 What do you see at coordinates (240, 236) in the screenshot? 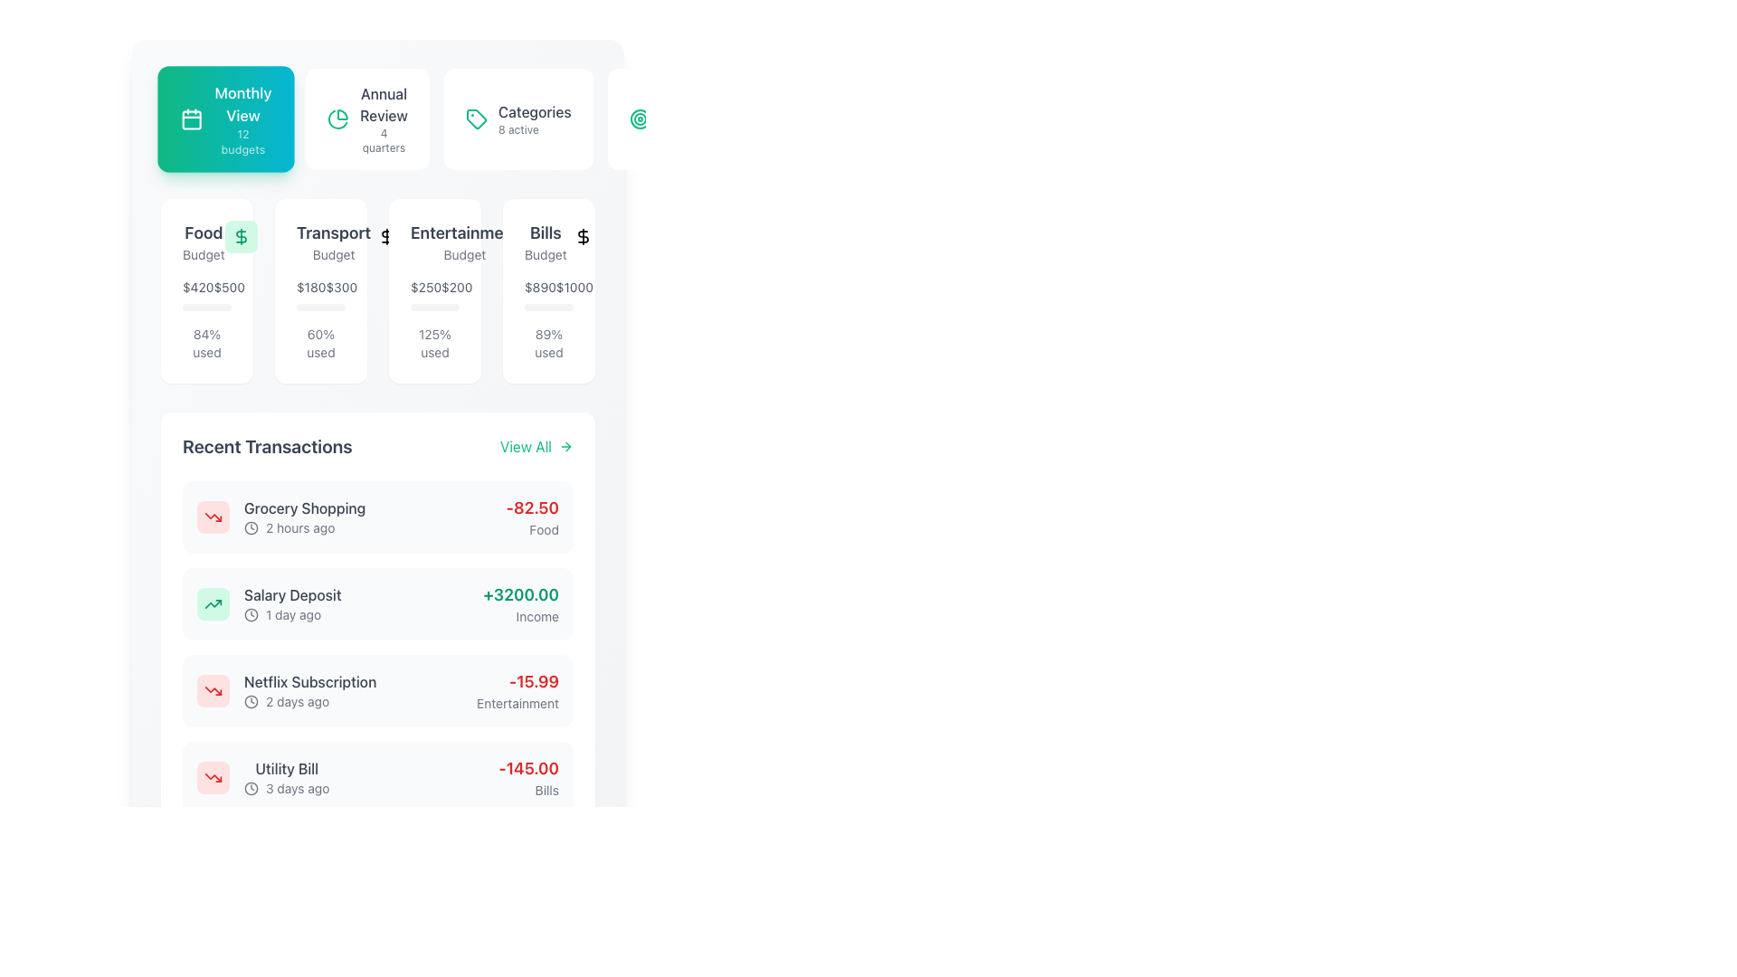
I see `the green dollar sign icon located in the 'Food Budget' box` at bounding box center [240, 236].